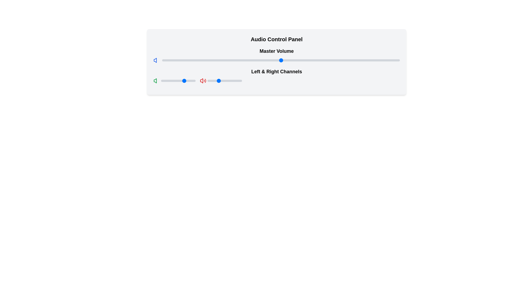 Image resolution: width=518 pixels, height=291 pixels. I want to click on the heading displaying 'Left & Right Channels' in bold within the 'Audio Control Panel' section, located below the 'Master Volume' heading, so click(277, 76).